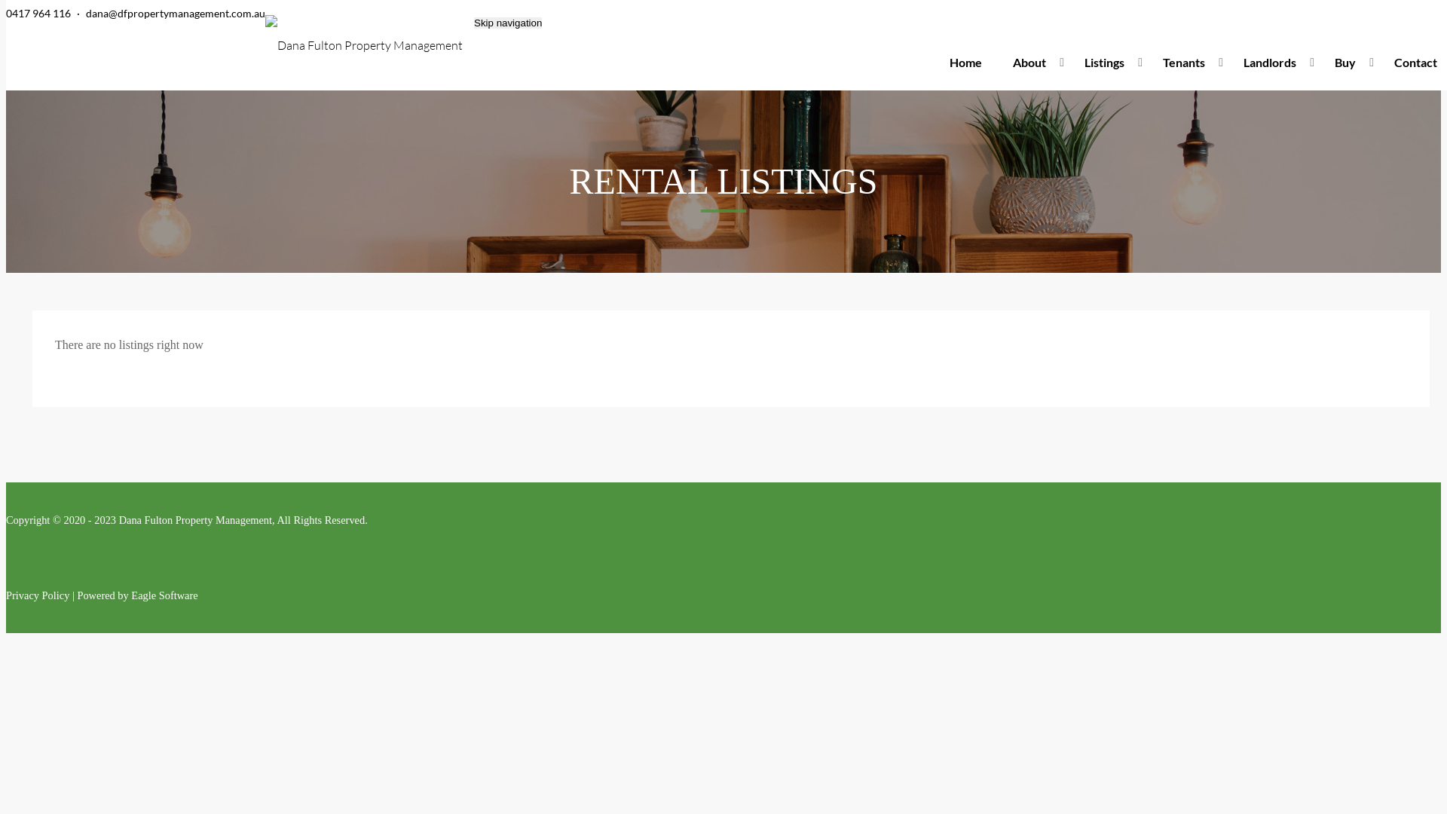 This screenshot has width=1447, height=814. Describe the element at coordinates (176, 13) in the screenshot. I see `'dana@dfpropertymanagement.com.au'` at that location.